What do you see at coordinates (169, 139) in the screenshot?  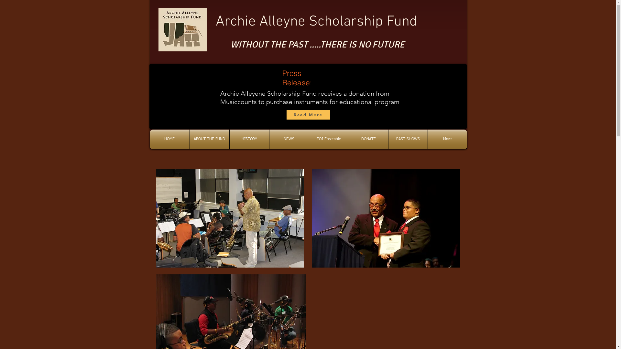 I see `'HOME'` at bounding box center [169, 139].